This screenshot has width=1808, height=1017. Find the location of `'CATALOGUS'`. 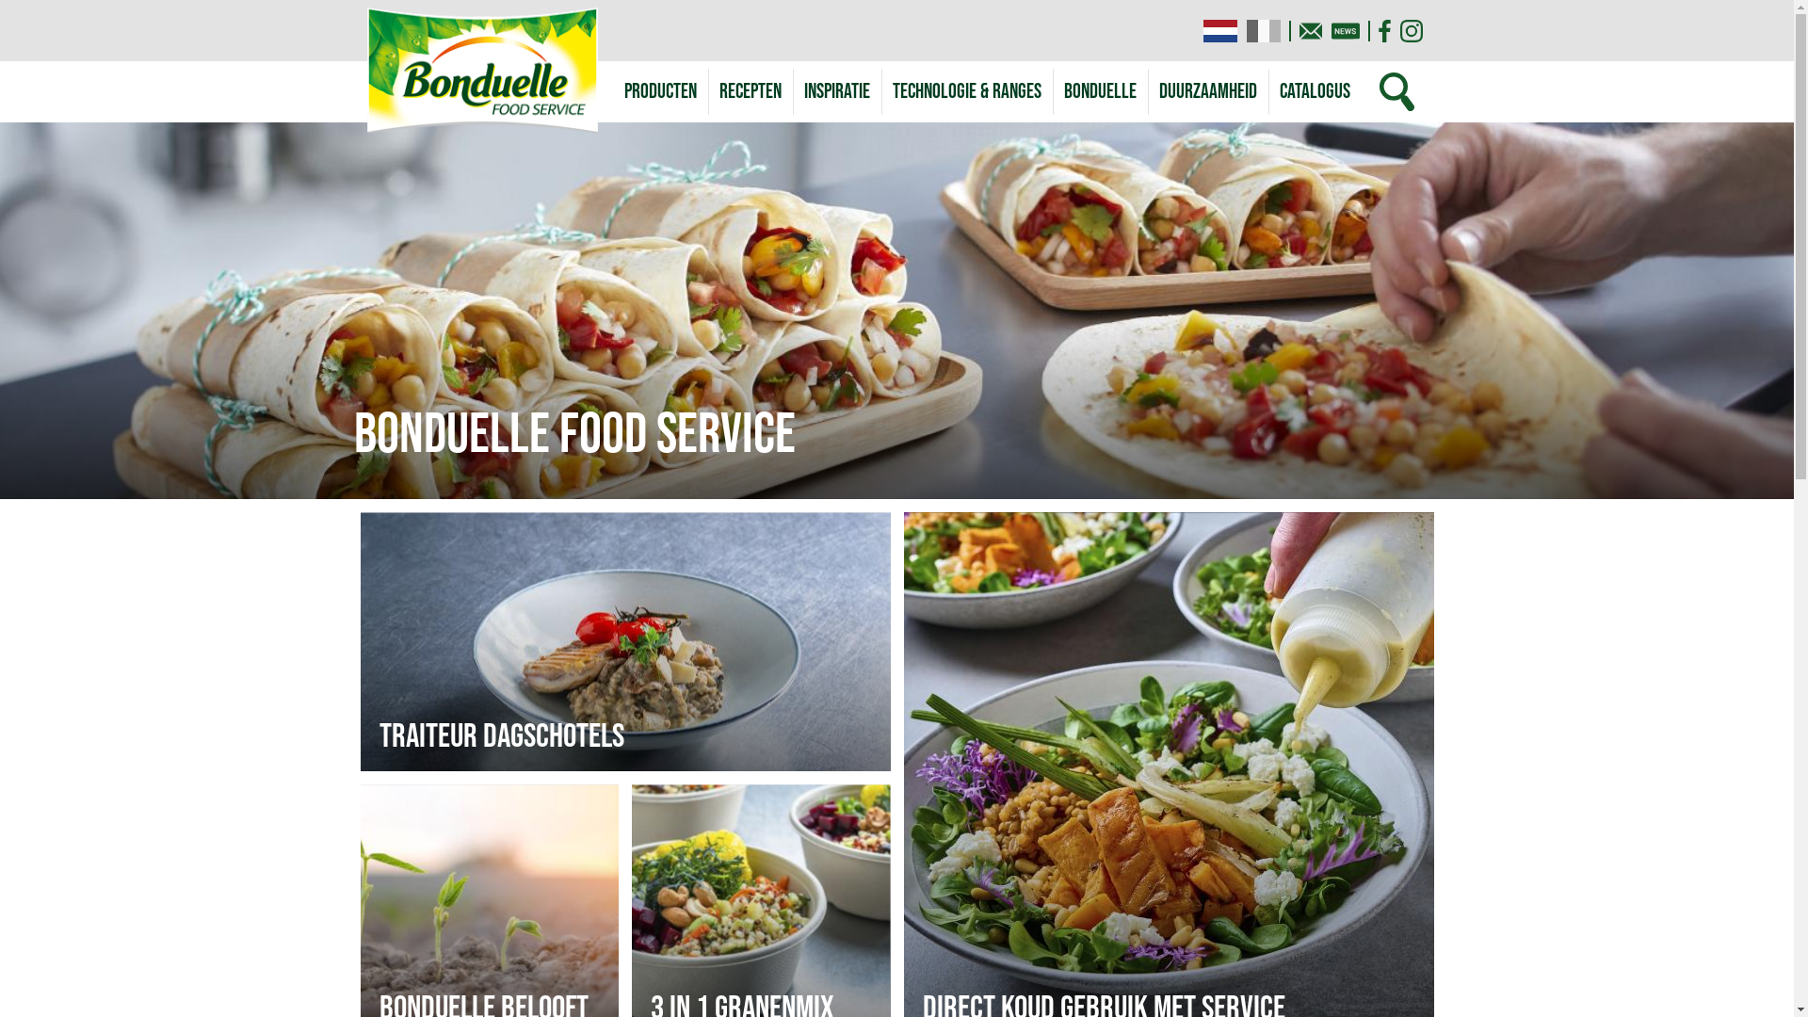

'CATALOGUS' is located at coordinates (1313, 91).